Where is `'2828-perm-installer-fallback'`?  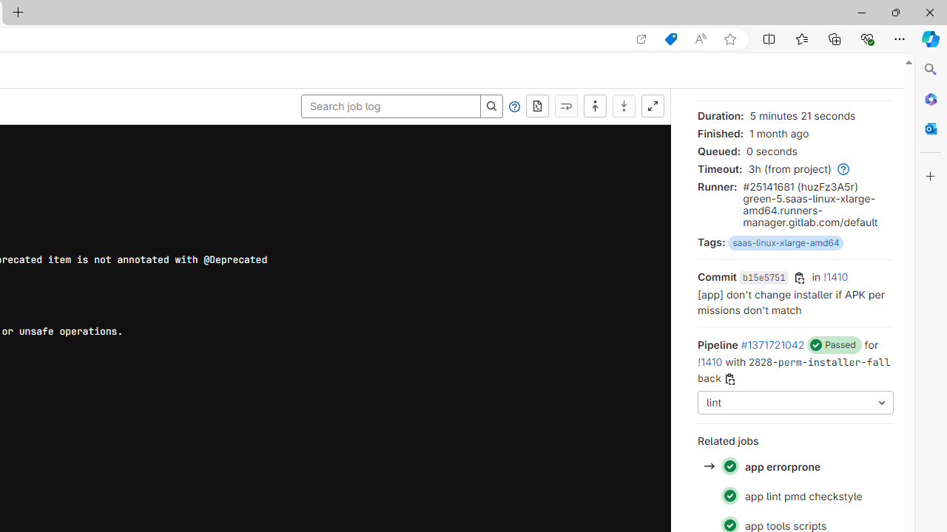
'2828-perm-installer-fallback' is located at coordinates (793, 369).